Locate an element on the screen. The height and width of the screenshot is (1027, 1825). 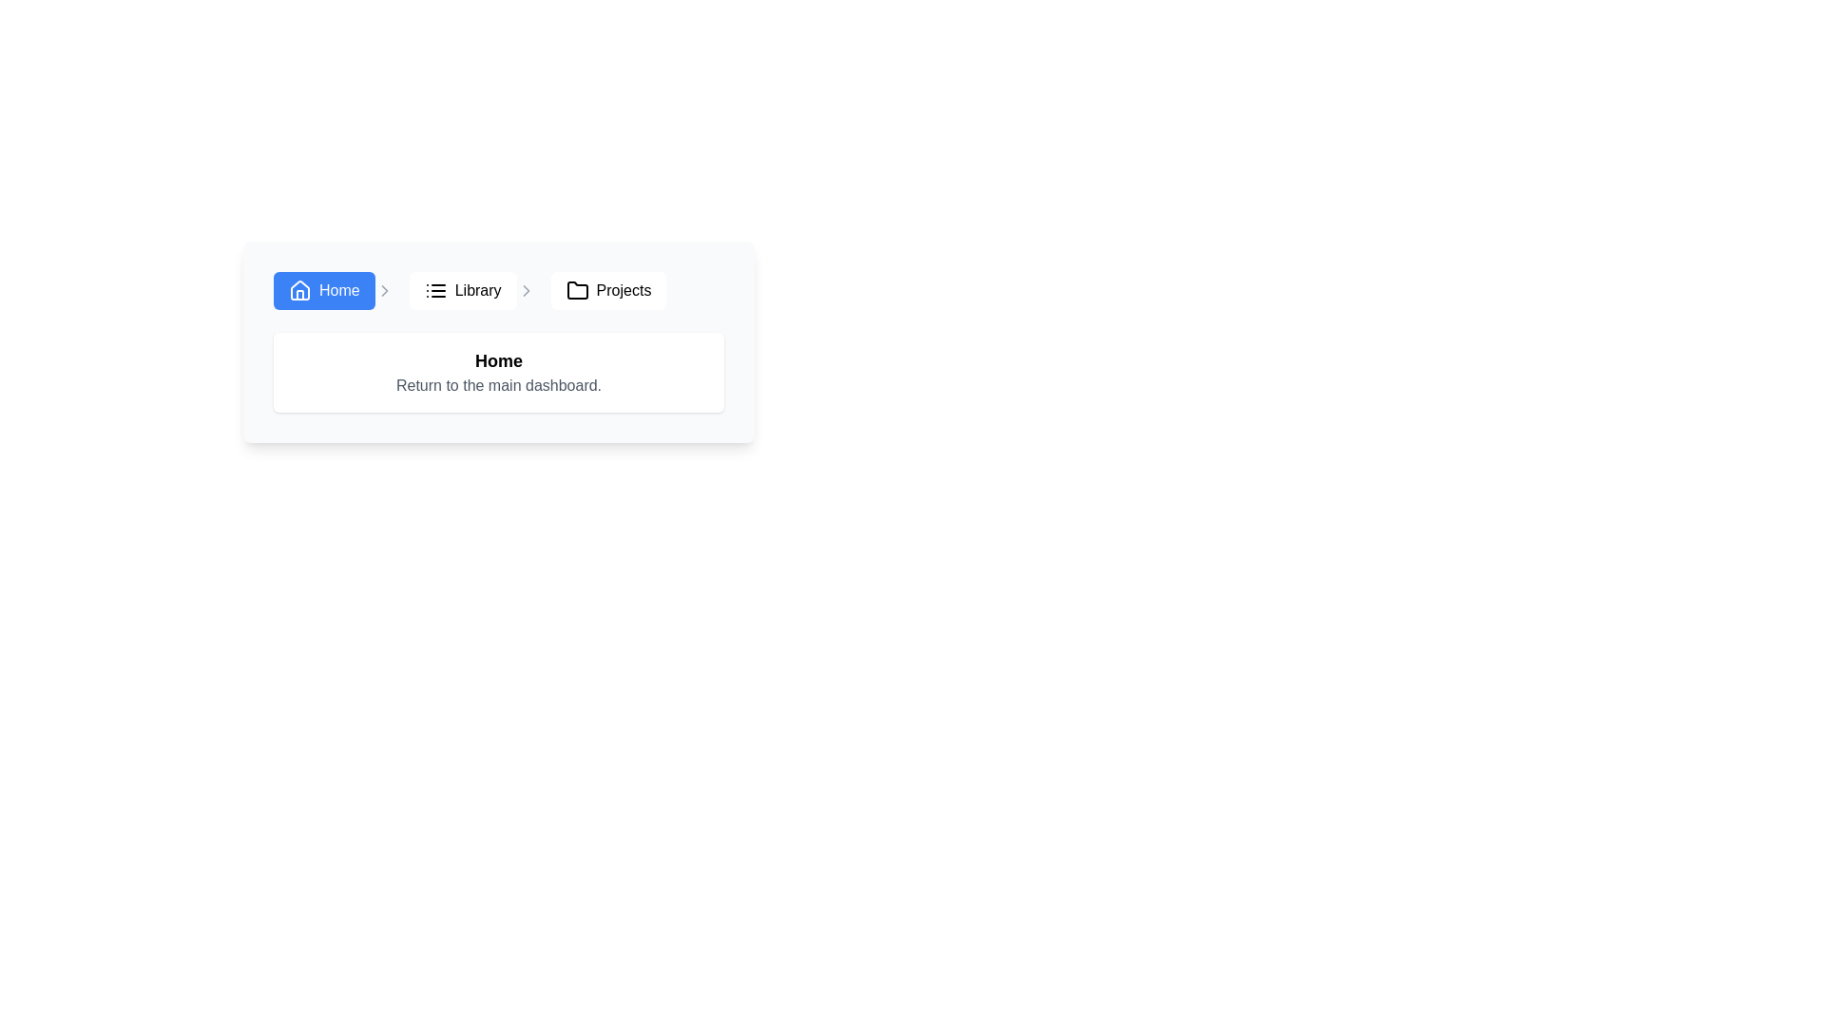
the chevron icon in the breadcrumb navigation bar that separates the Library tab and the Projects tab is located at coordinates (526, 290).